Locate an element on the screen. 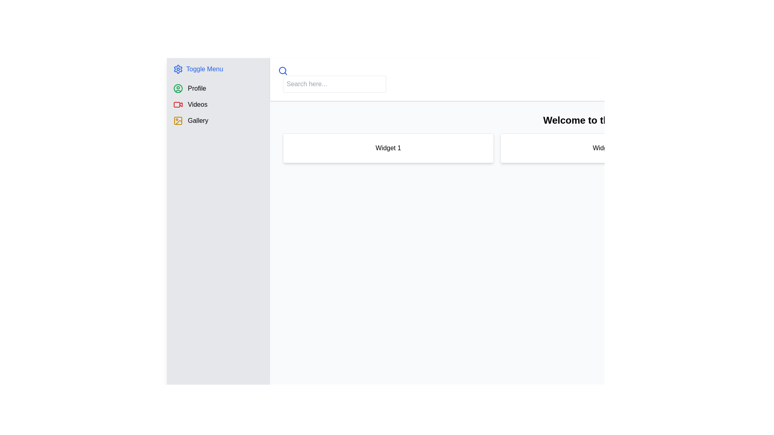 Image resolution: width=774 pixels, height=435 pixels. the video icon located in the sidebar, to the left of the 'Videos' text label is located at coordinates (181, 104).